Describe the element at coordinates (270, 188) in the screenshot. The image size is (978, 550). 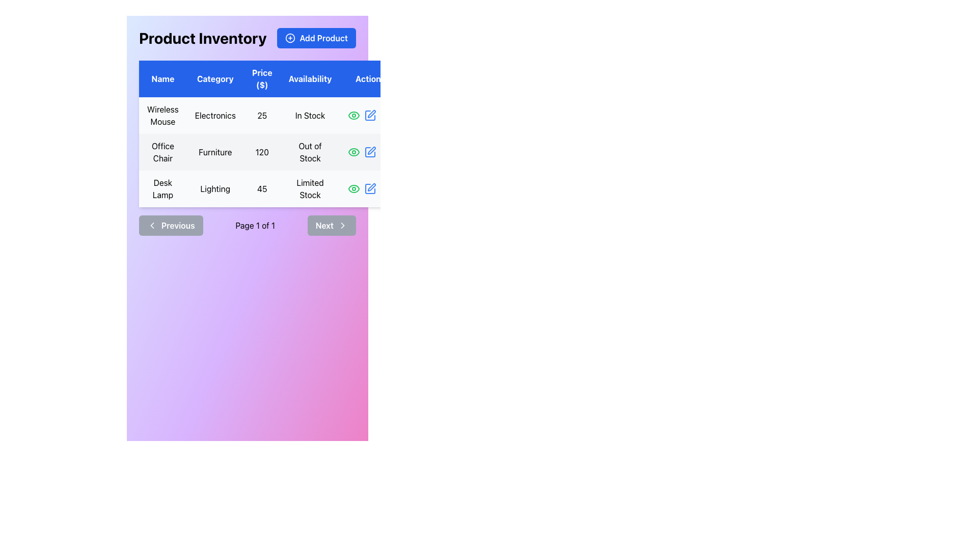
I see `the third row of the 'Product Inventory' table` at that location.